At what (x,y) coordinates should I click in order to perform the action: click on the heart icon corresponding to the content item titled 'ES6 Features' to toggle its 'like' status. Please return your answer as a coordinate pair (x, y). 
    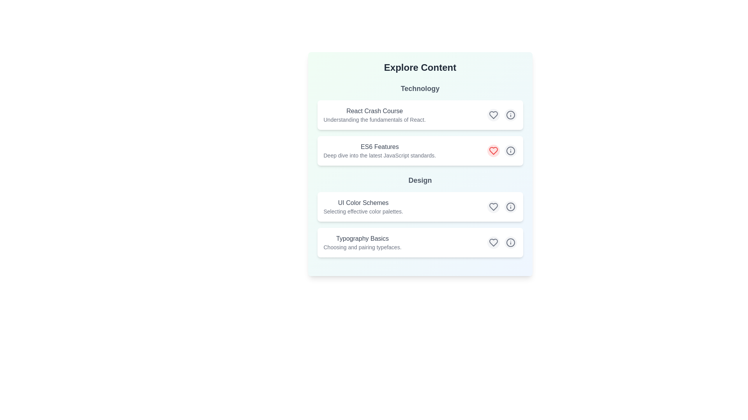
    Looking at the image, I should click on (493, 151).